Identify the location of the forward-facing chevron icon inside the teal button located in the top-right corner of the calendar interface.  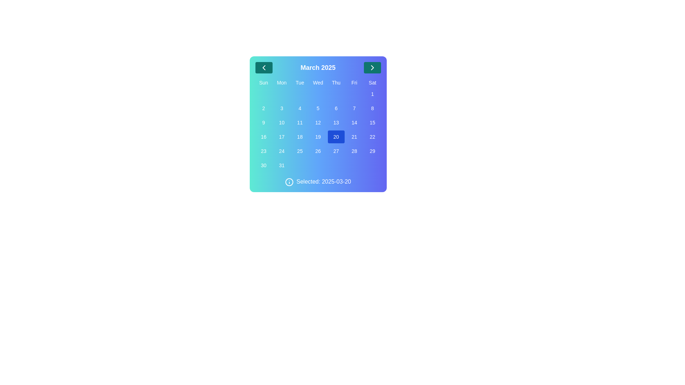
(372, 67).